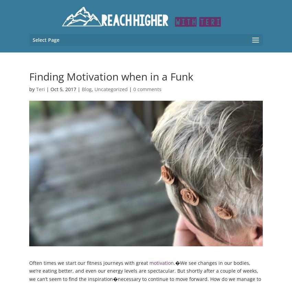  Describe the element at coordinates (147, 89) in the screenshot. I see `'0 comments'` at that location.